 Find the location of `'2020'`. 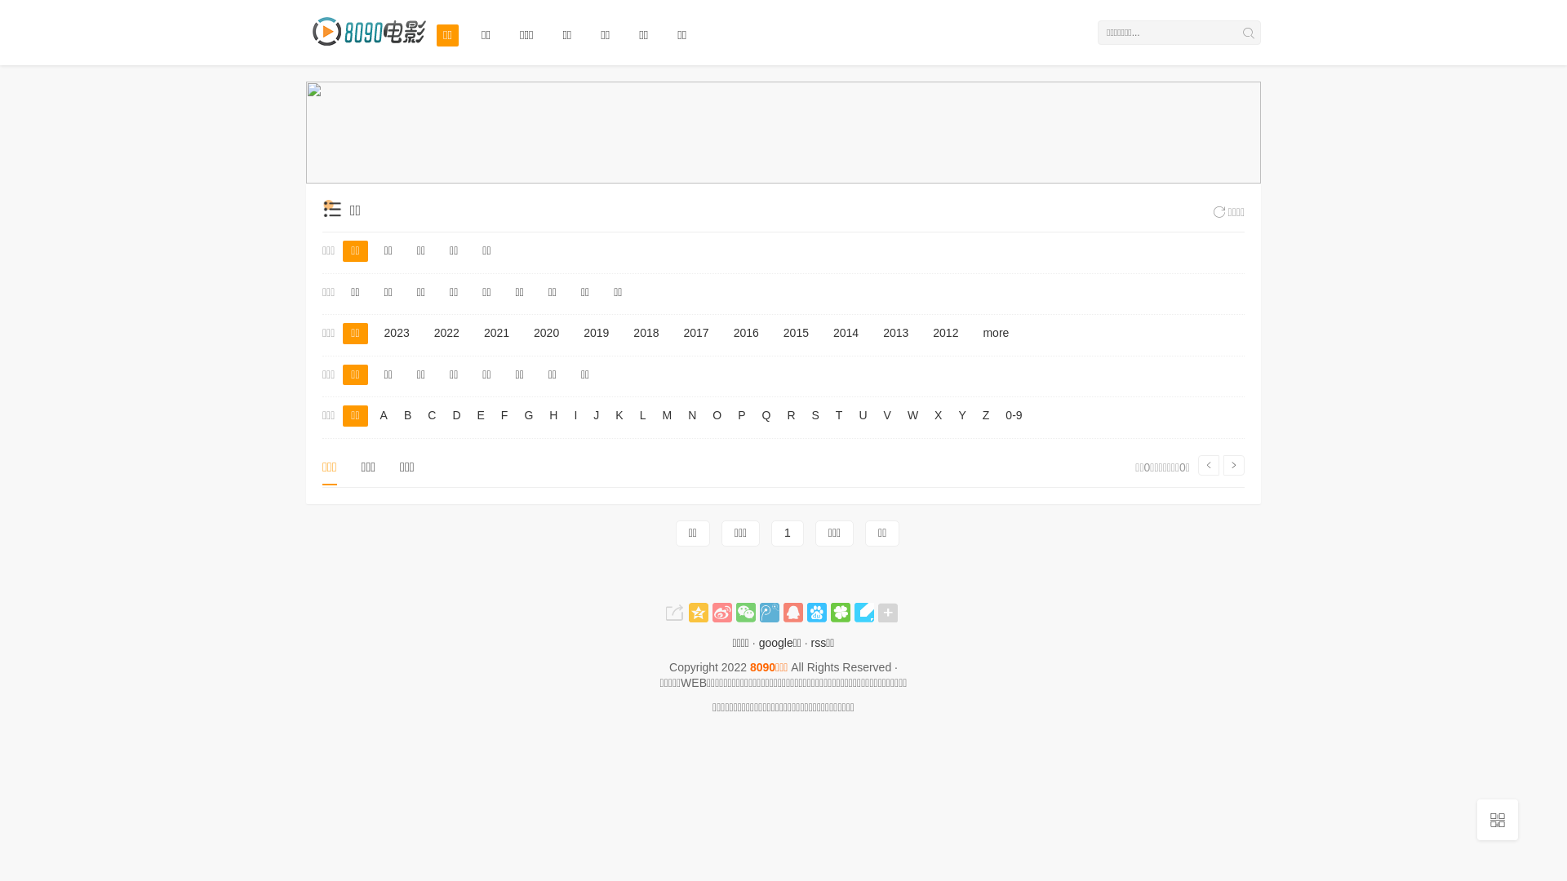

'2020' is located at coordinates (525, 332).